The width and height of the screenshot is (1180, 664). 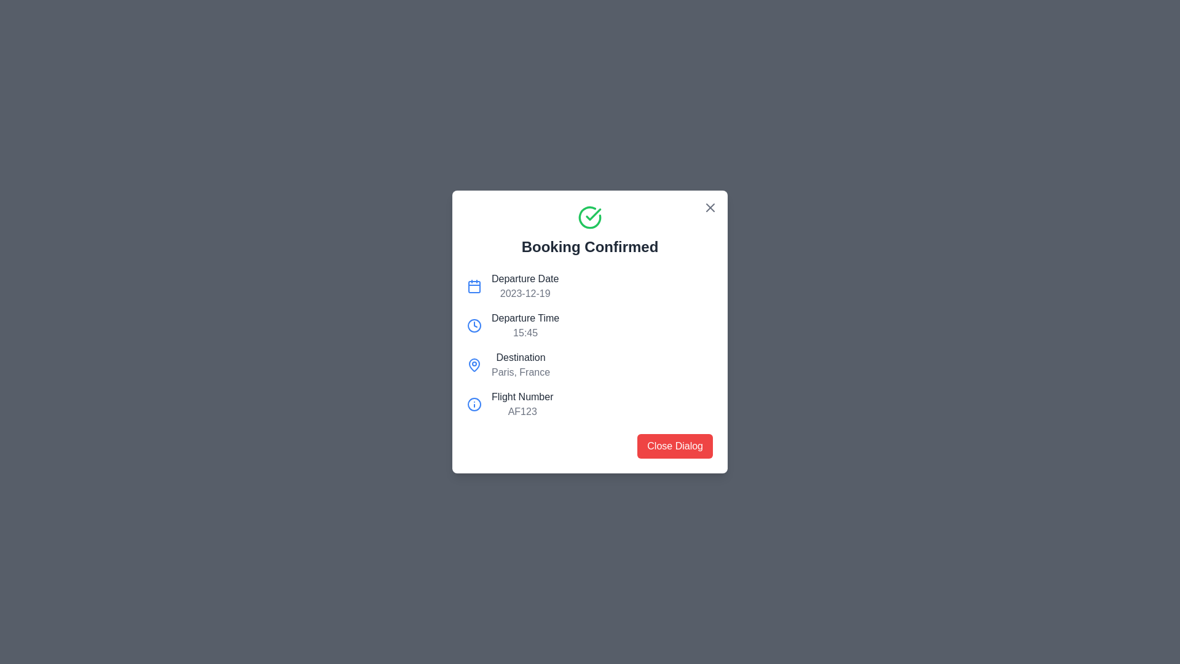 What do you see at coordinates (525, 279) in the screenshot?
I see `the static text label that identifies the departure date, located in the second row of the 'Booking Confirmed' dialog box, to the right of the calendar icon and above the date '2023-12-19'` at bounding box center [525, 279].